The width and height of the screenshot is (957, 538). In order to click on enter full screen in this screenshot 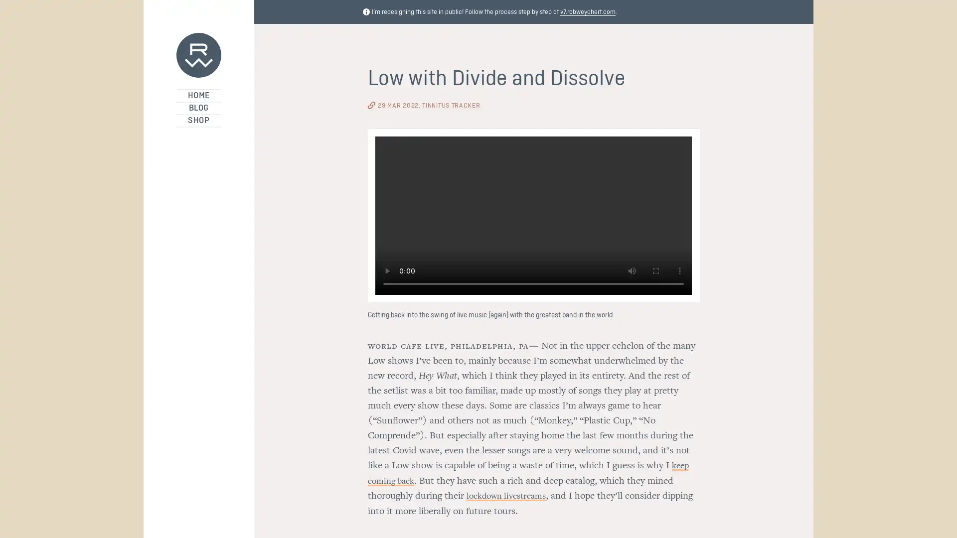, I will do `click(655, 272)`.